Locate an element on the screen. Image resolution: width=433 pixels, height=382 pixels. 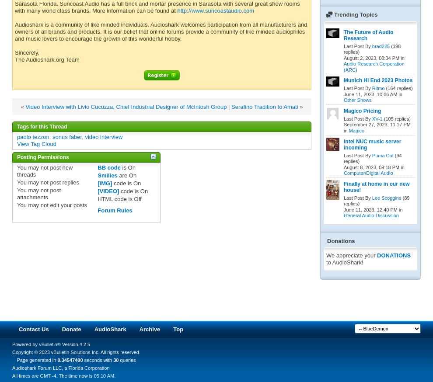
'General Audio Discussion' is located at coordinates (371, 215).